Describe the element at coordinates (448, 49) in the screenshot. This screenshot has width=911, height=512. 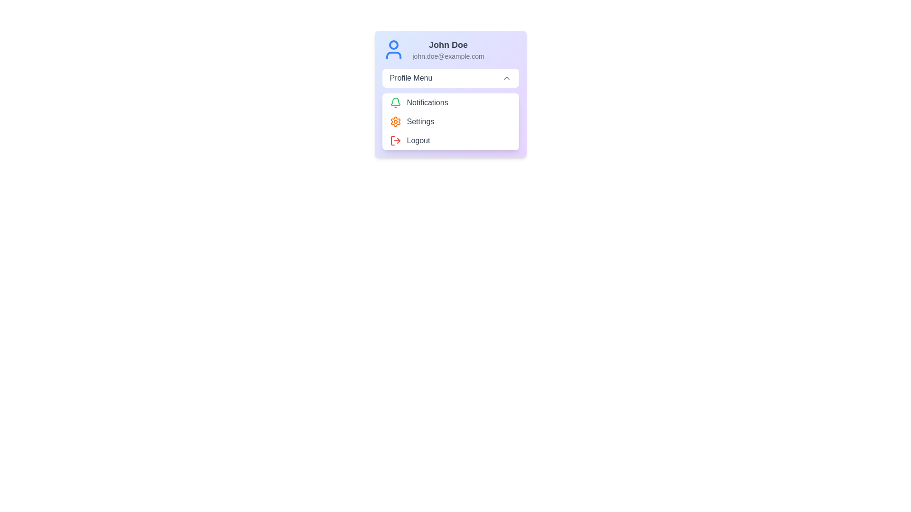
I see `the displayed name or email in the Text Display Component, which is located to the right of the user icon in the dropdown menu panel` at that location.